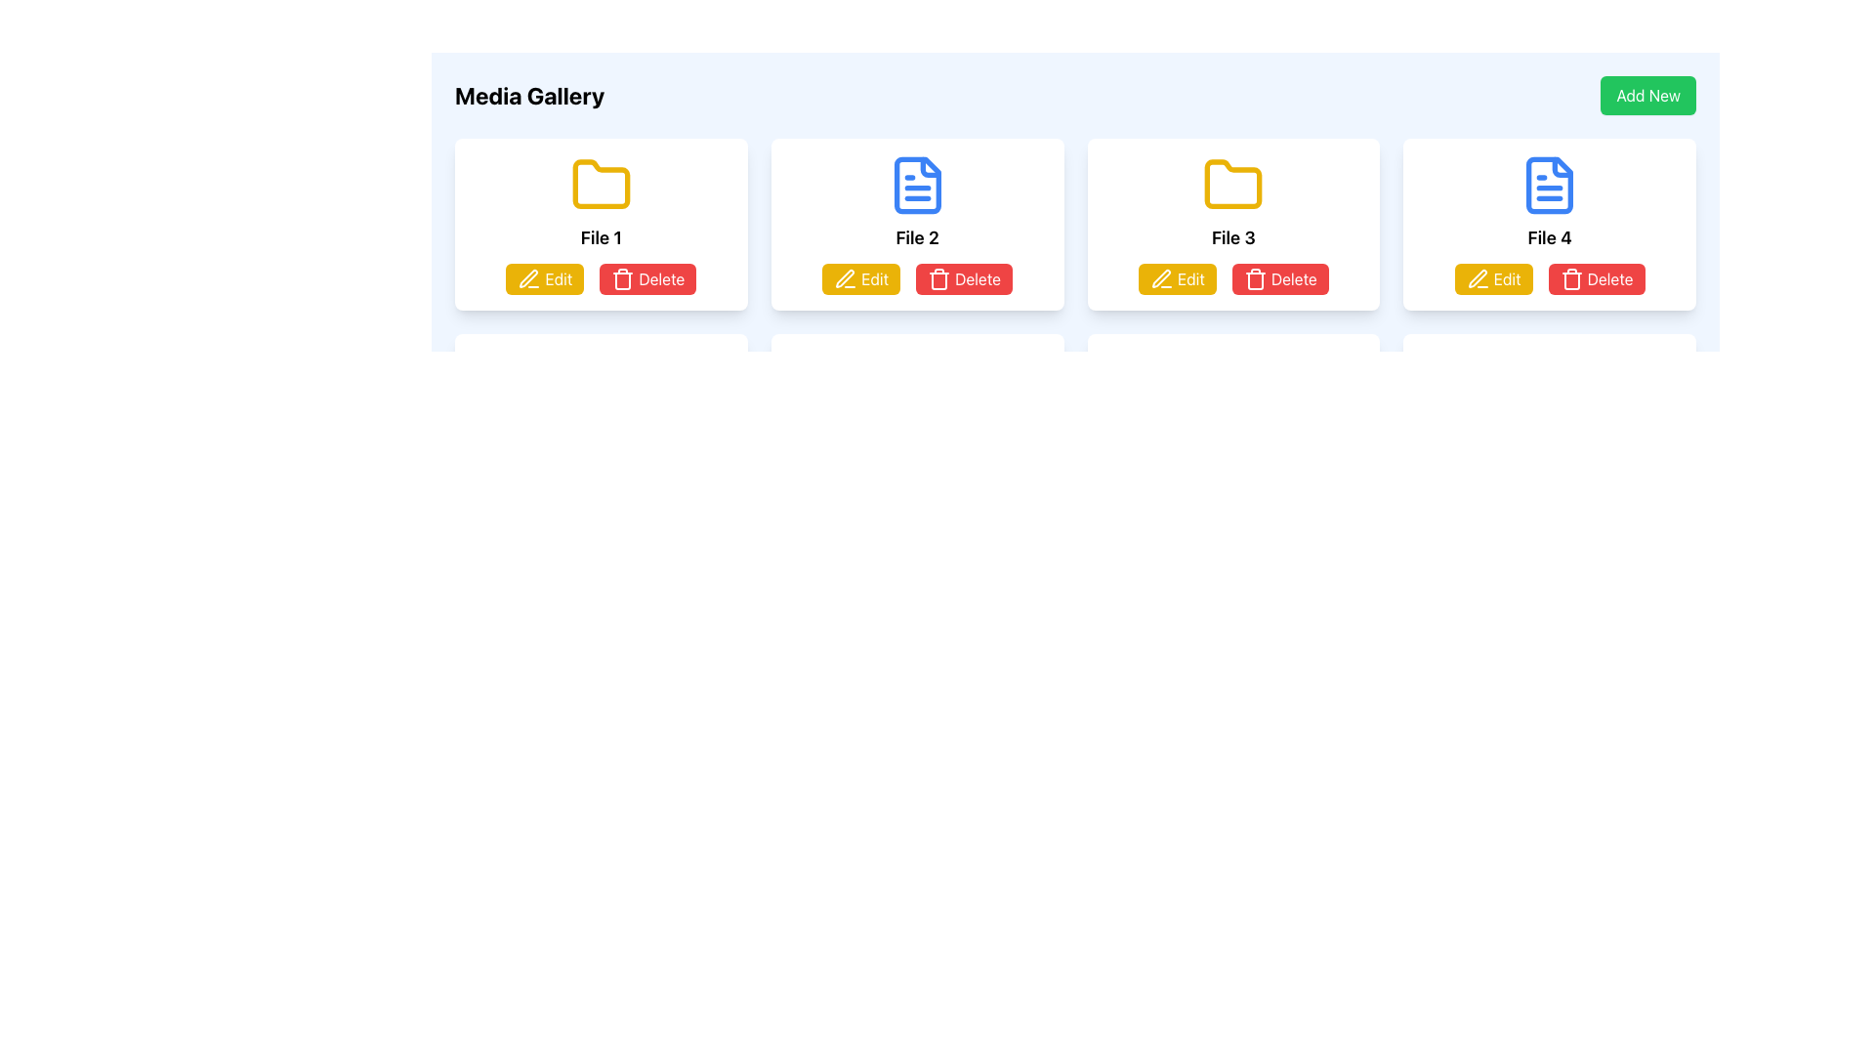  Describe the element at coordinates (1549, 185) in the screenshot. I see `the document icon representing 'File 4', which is located in the first position within the fourth file card` at that location.